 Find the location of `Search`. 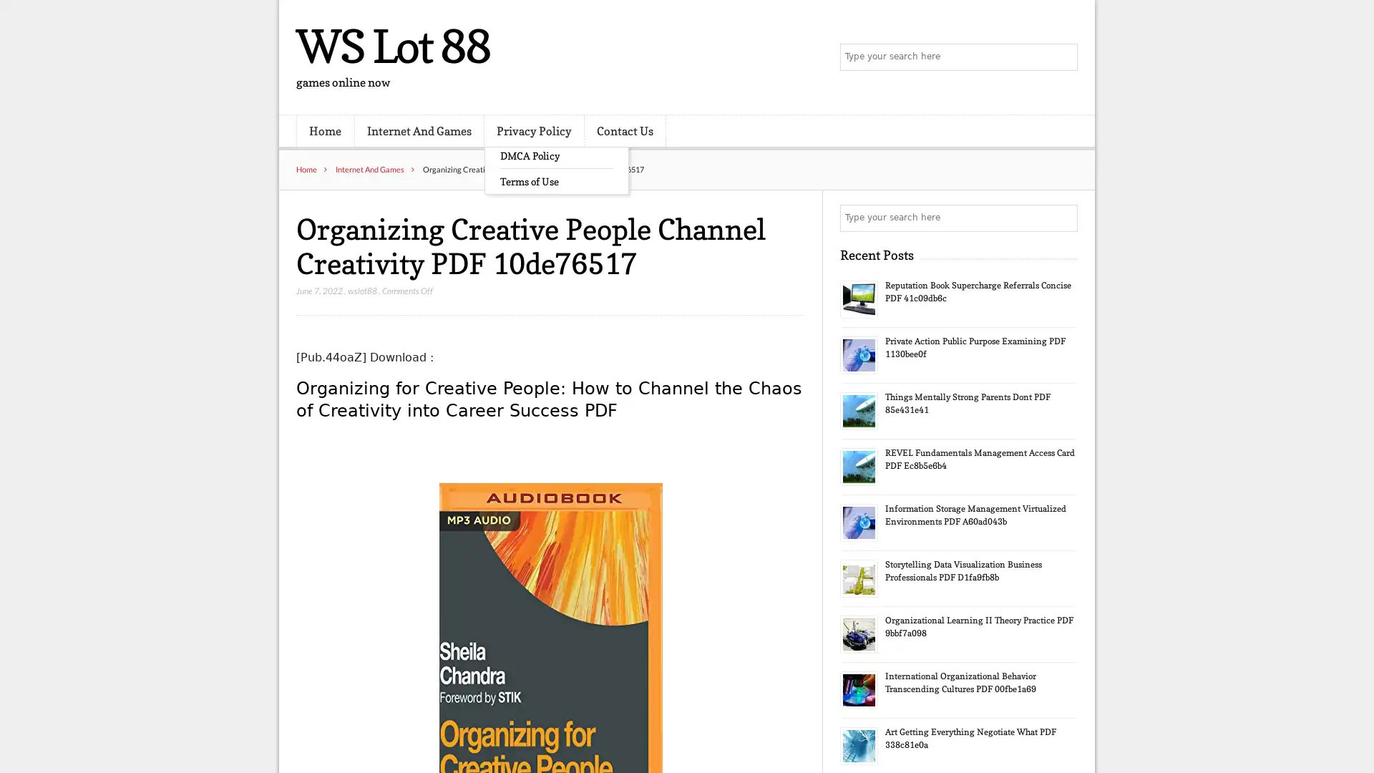

Search is located at coordinates (1063, 57).